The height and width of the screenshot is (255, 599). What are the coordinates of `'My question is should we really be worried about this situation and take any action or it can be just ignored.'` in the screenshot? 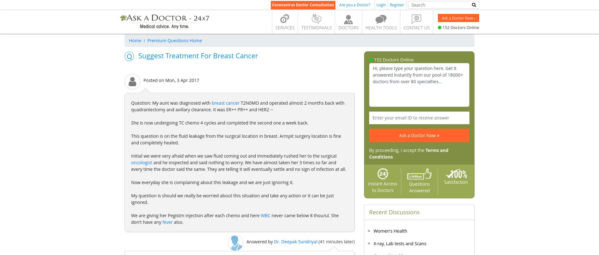 It's located at (232, 199).